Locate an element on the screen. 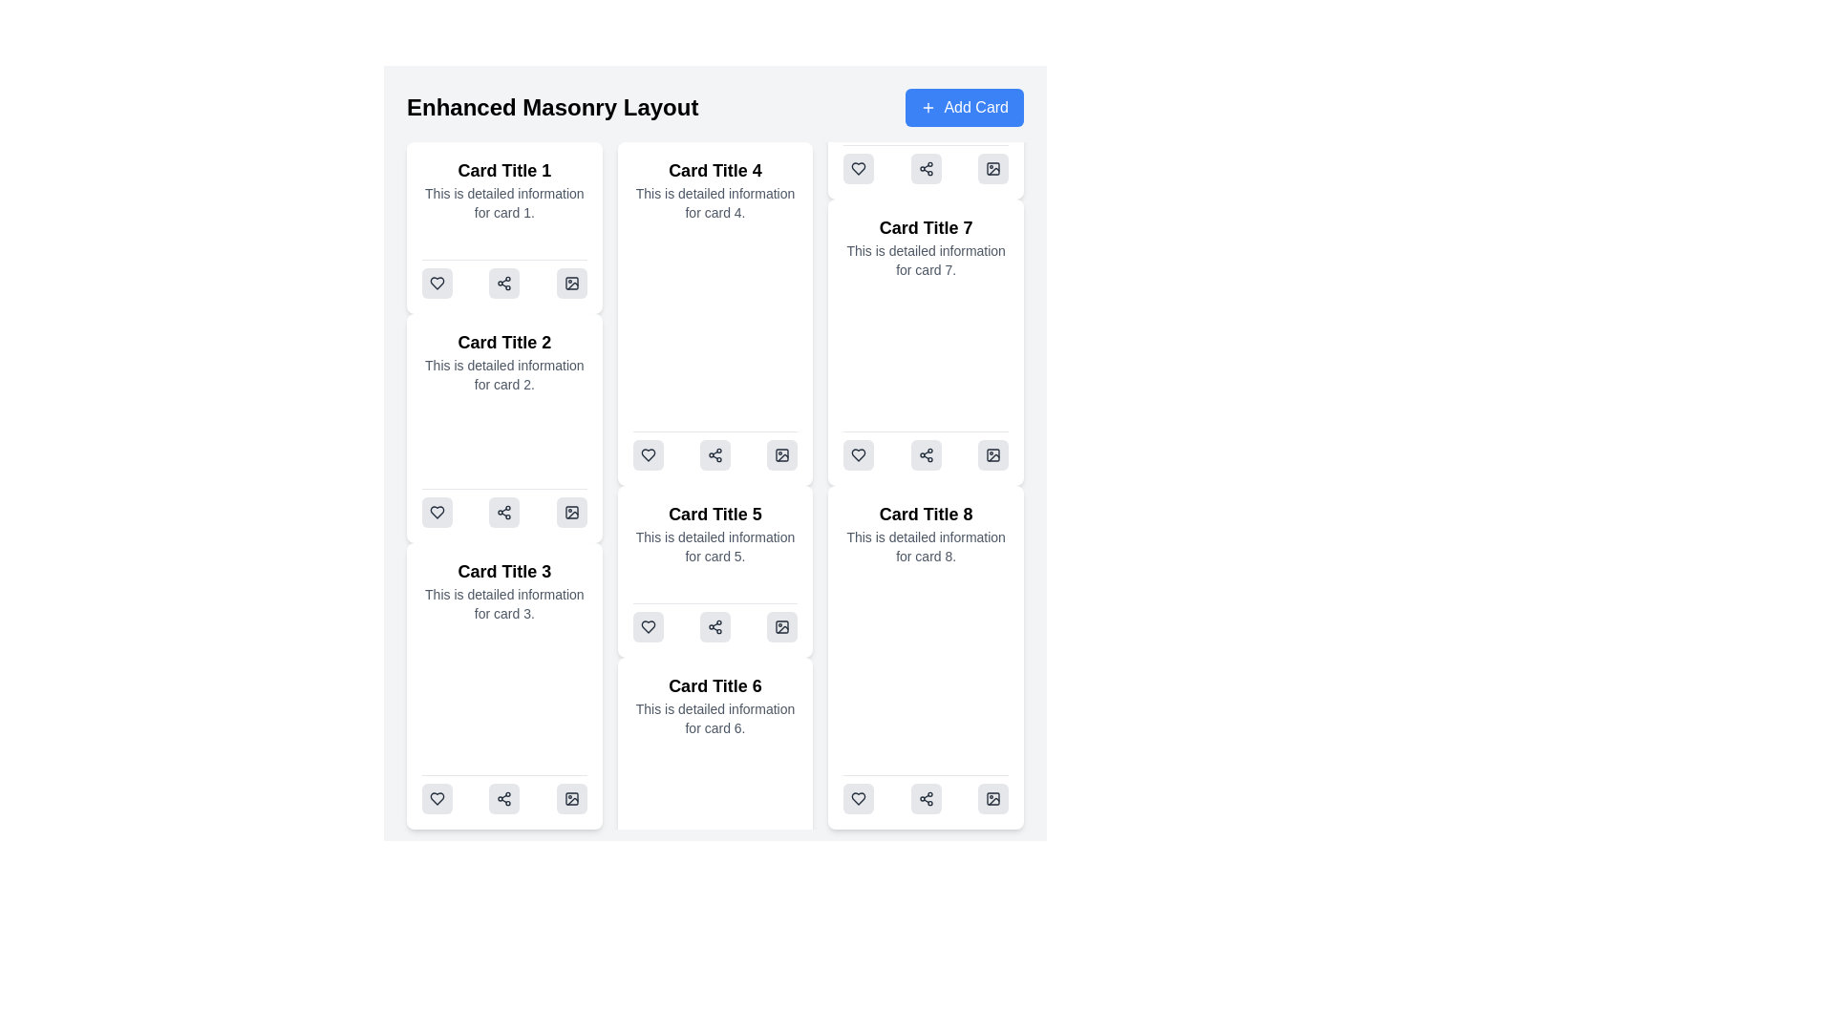  the share icon in the bottom toolbar of 'Card Title 3' is located at coordinates (504, 799).